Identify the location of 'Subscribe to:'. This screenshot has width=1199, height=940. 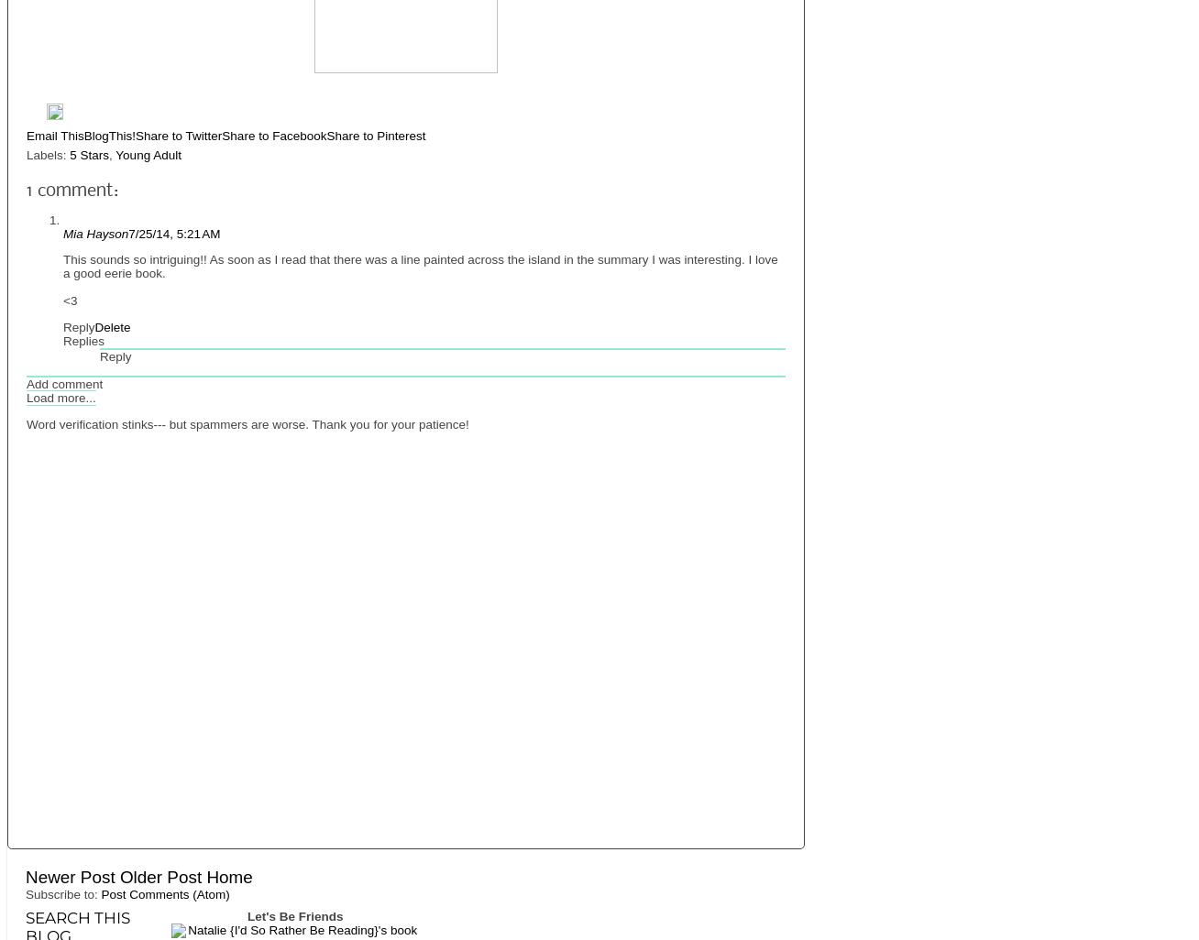
(63, 893).